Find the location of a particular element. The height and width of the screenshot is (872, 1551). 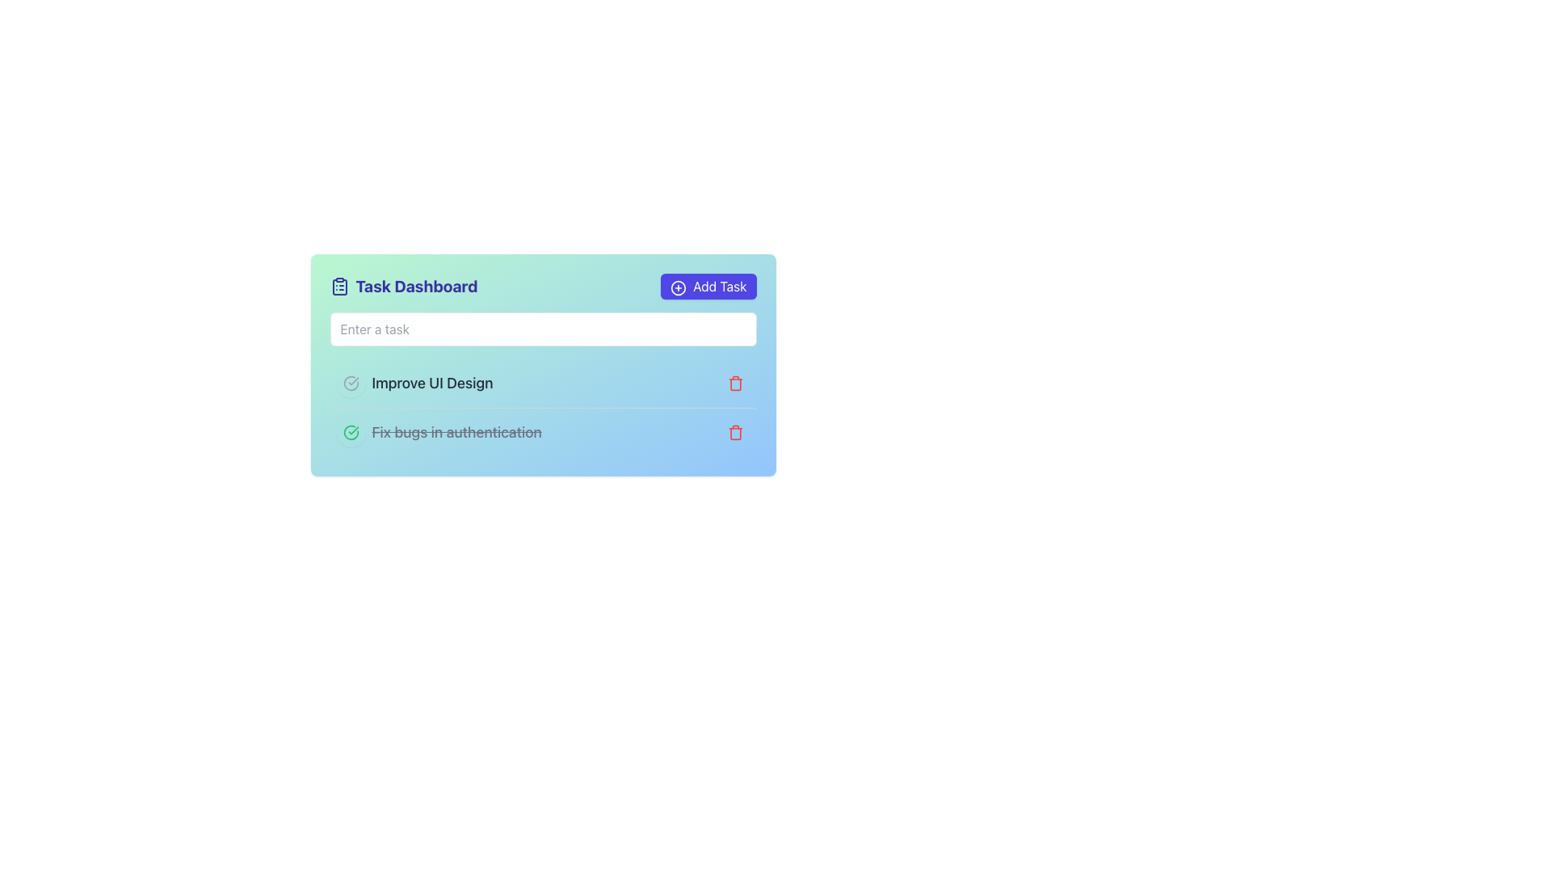

the interactive circular icon with a vibrant green border and a hollow center that contains a green checkmark, located to the left of the text 'Fix bugs in authentication' to mark the task as done or undone is located at coordinates (350, 432).